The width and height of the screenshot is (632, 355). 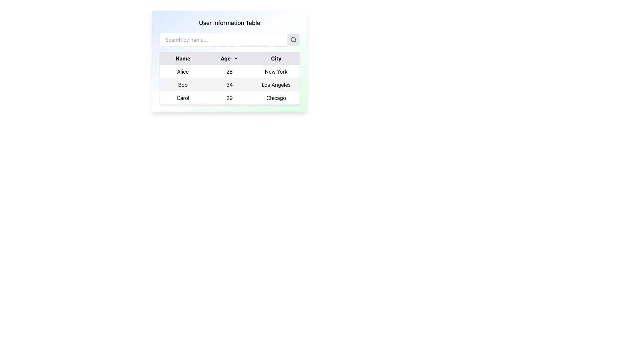 What do you see at coordinates (229, 98) in the screenshot?
I see `the text element displaying '29' located in the third row of the table under the 'Age' column, positioned between 'Carol' and 'Chicago'` at bounding box center [229, 98].